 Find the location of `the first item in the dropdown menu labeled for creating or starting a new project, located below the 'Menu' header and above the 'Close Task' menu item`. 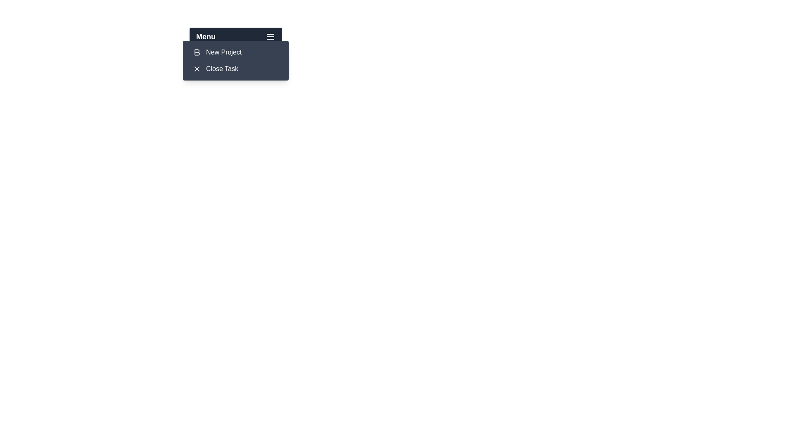

the first item in the dropdown menu labeled for creating or starting a new project, located below the 'Menu' header and above the 'Close Task' menu item is located at coordinates (224, 52).